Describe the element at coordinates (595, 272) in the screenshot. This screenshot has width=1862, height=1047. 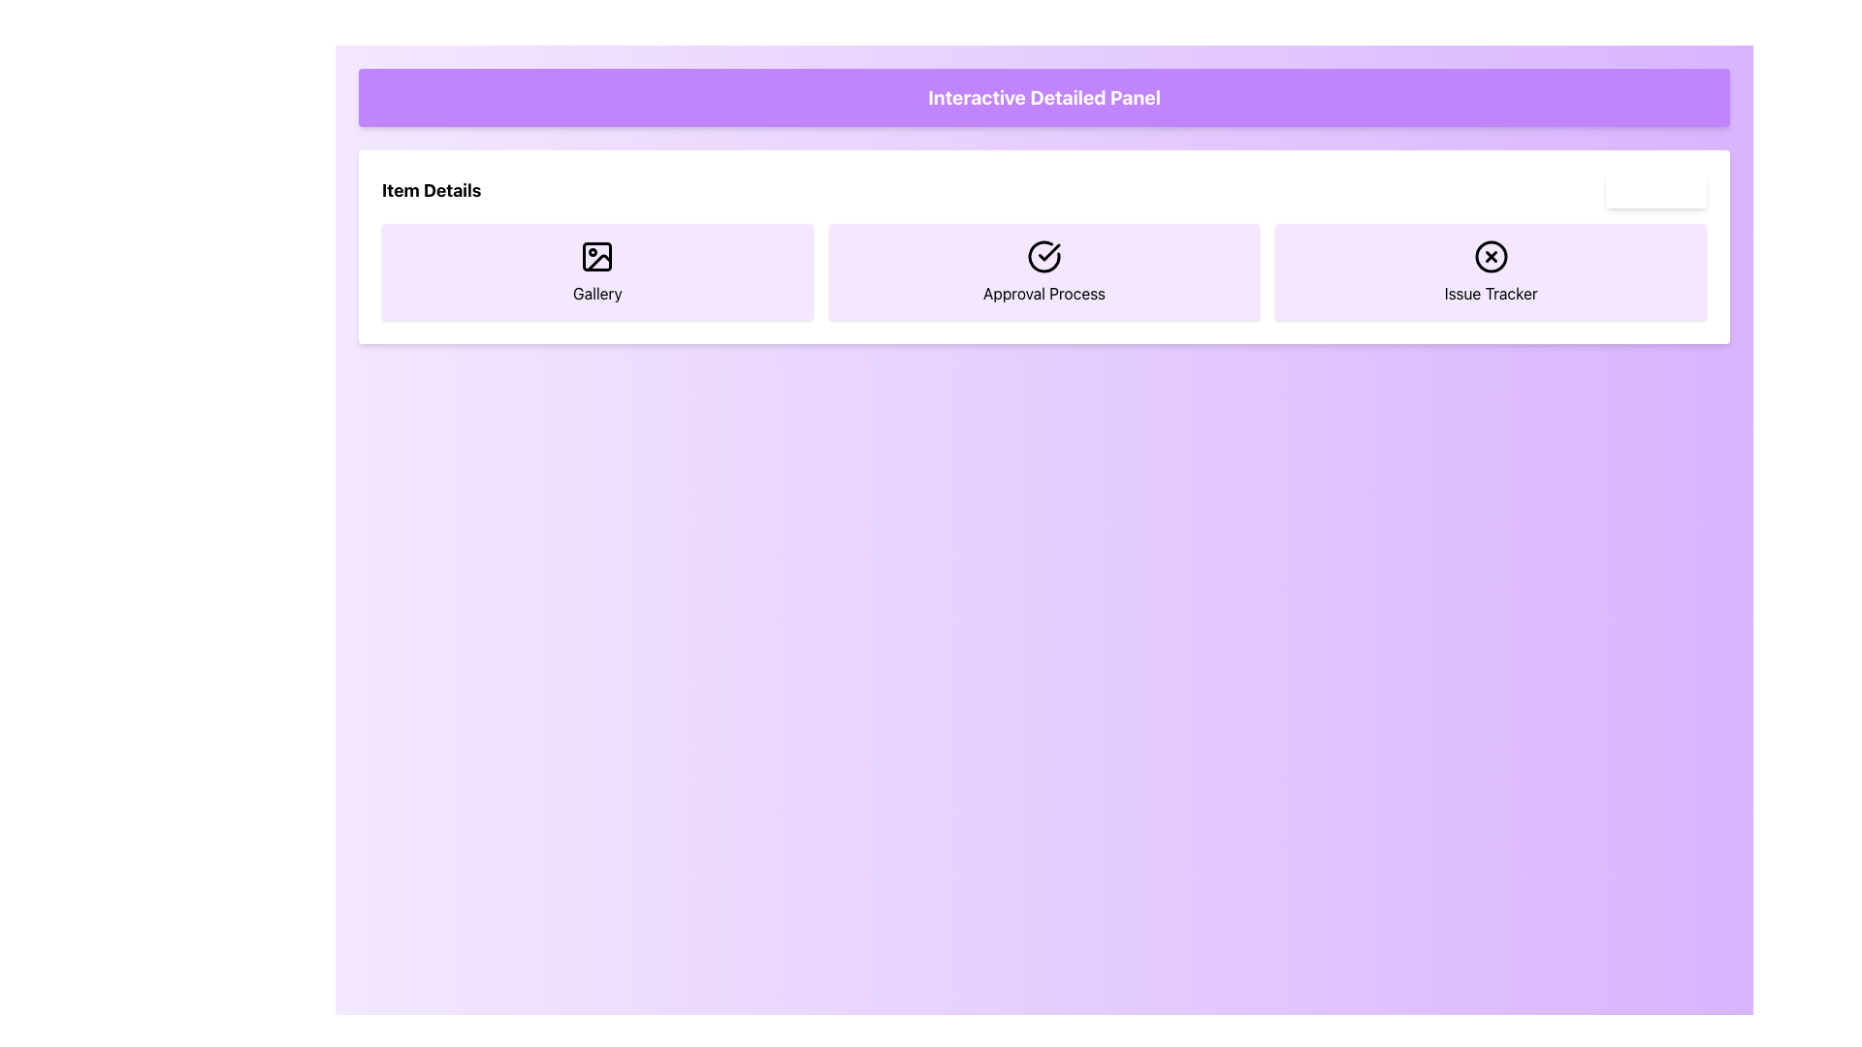
I see `the 'Gallery' button, which is the first card in a row of three, positioned to the left of the 'Approval Process' and 'Issue Tracker' cards` at that location.